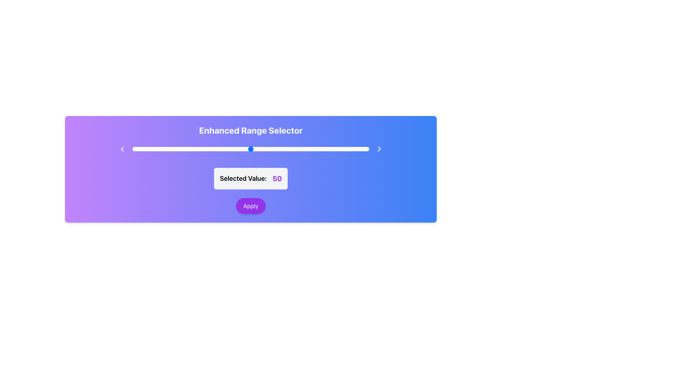  I want to click on the Text display box that shows 'Selected Value:' and '50', which is located below the range slider and above the 'Apply' button, so click(251, 178).